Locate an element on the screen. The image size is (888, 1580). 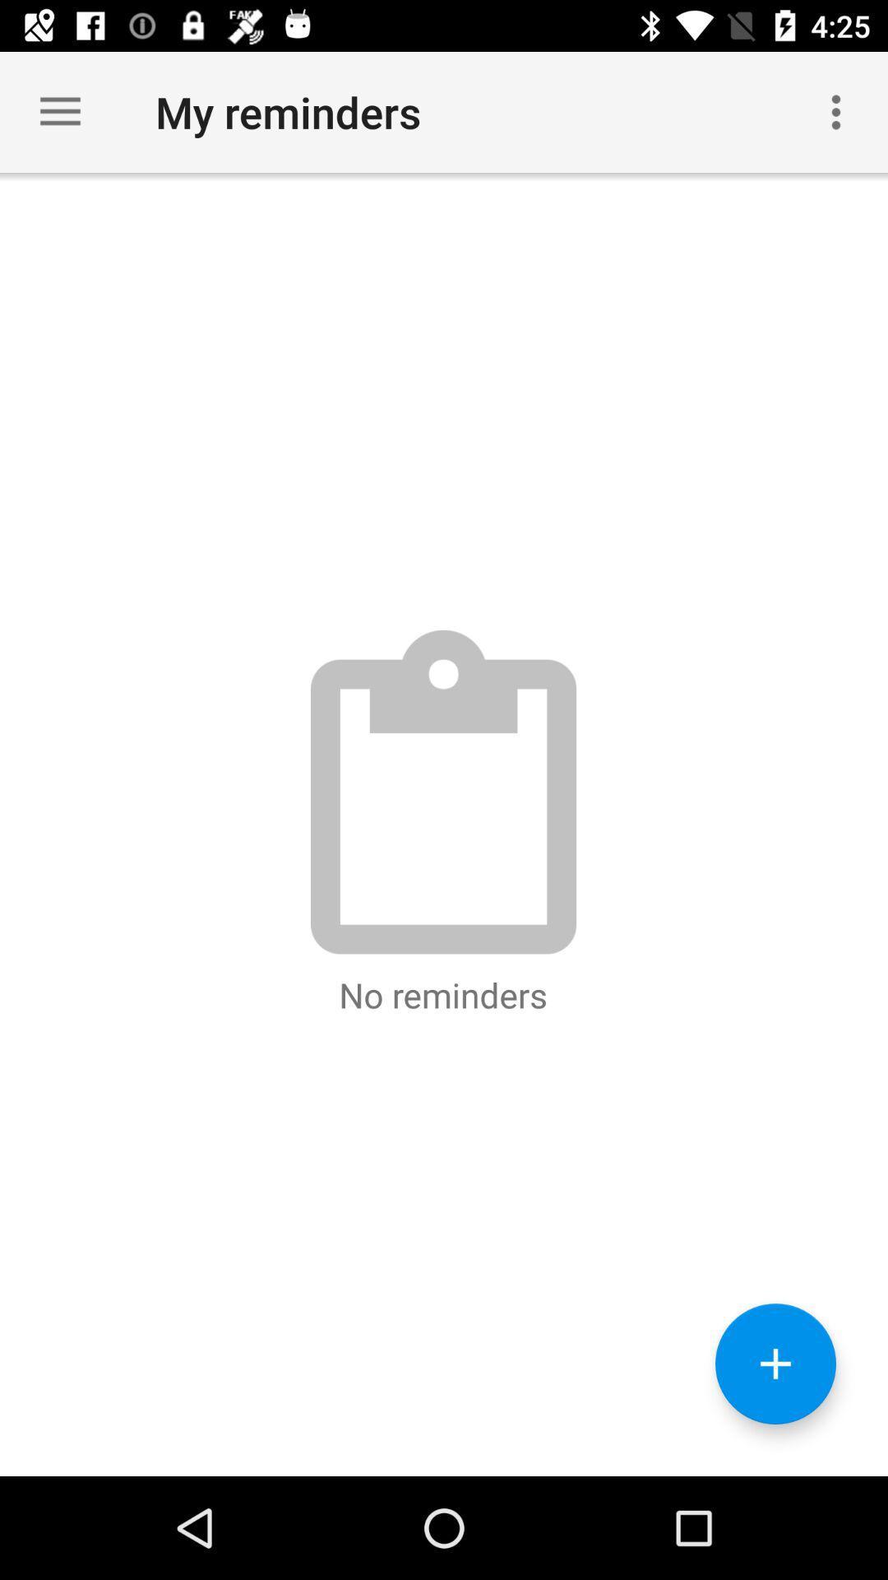
the icon next to my reminders item is located at coordinates (836, 111).